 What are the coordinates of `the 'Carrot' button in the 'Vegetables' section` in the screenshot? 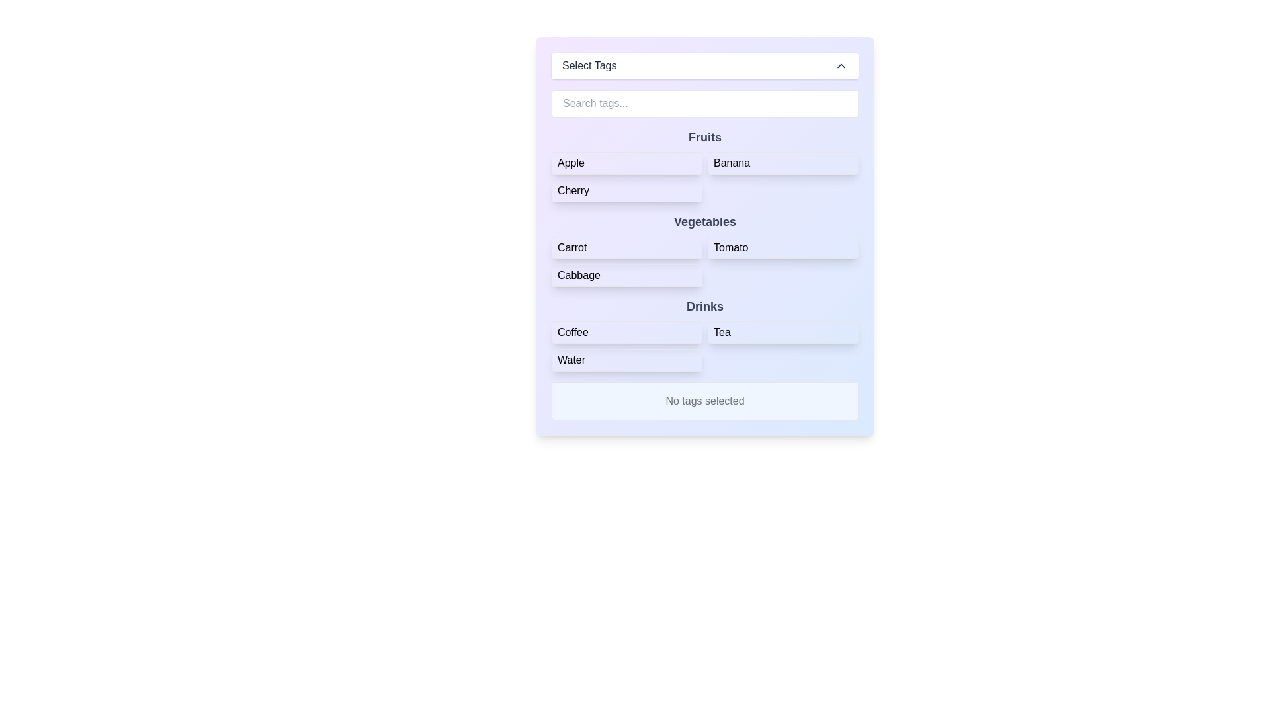 It's located at (626, 247).